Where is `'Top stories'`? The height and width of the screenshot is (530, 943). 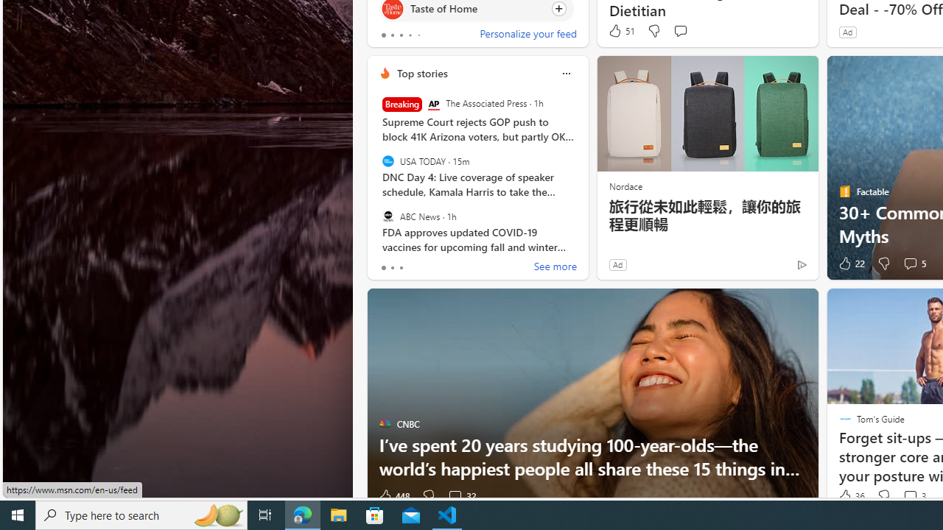 'Top stories' is located at coordinates (421, 73).